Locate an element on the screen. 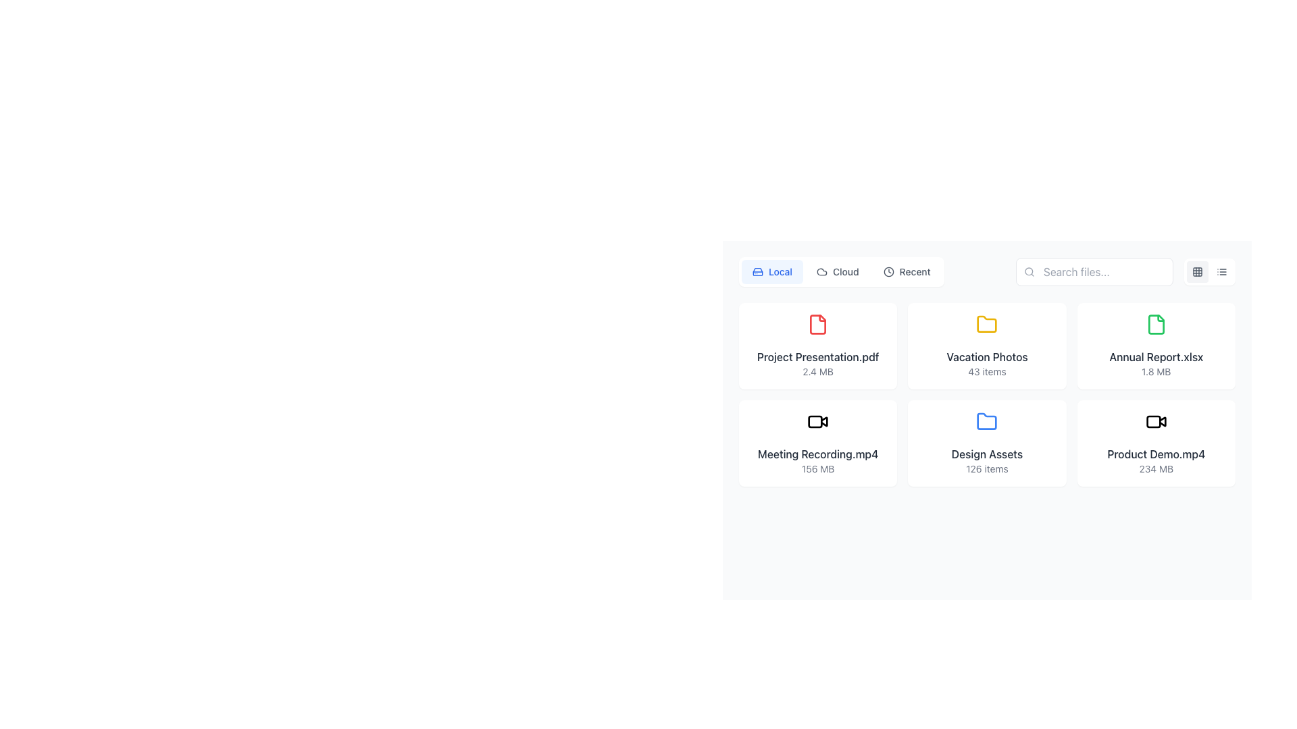  the button in the upper-right area of the interface that switches the display mode to list view is located at coordinates (1209, 271).